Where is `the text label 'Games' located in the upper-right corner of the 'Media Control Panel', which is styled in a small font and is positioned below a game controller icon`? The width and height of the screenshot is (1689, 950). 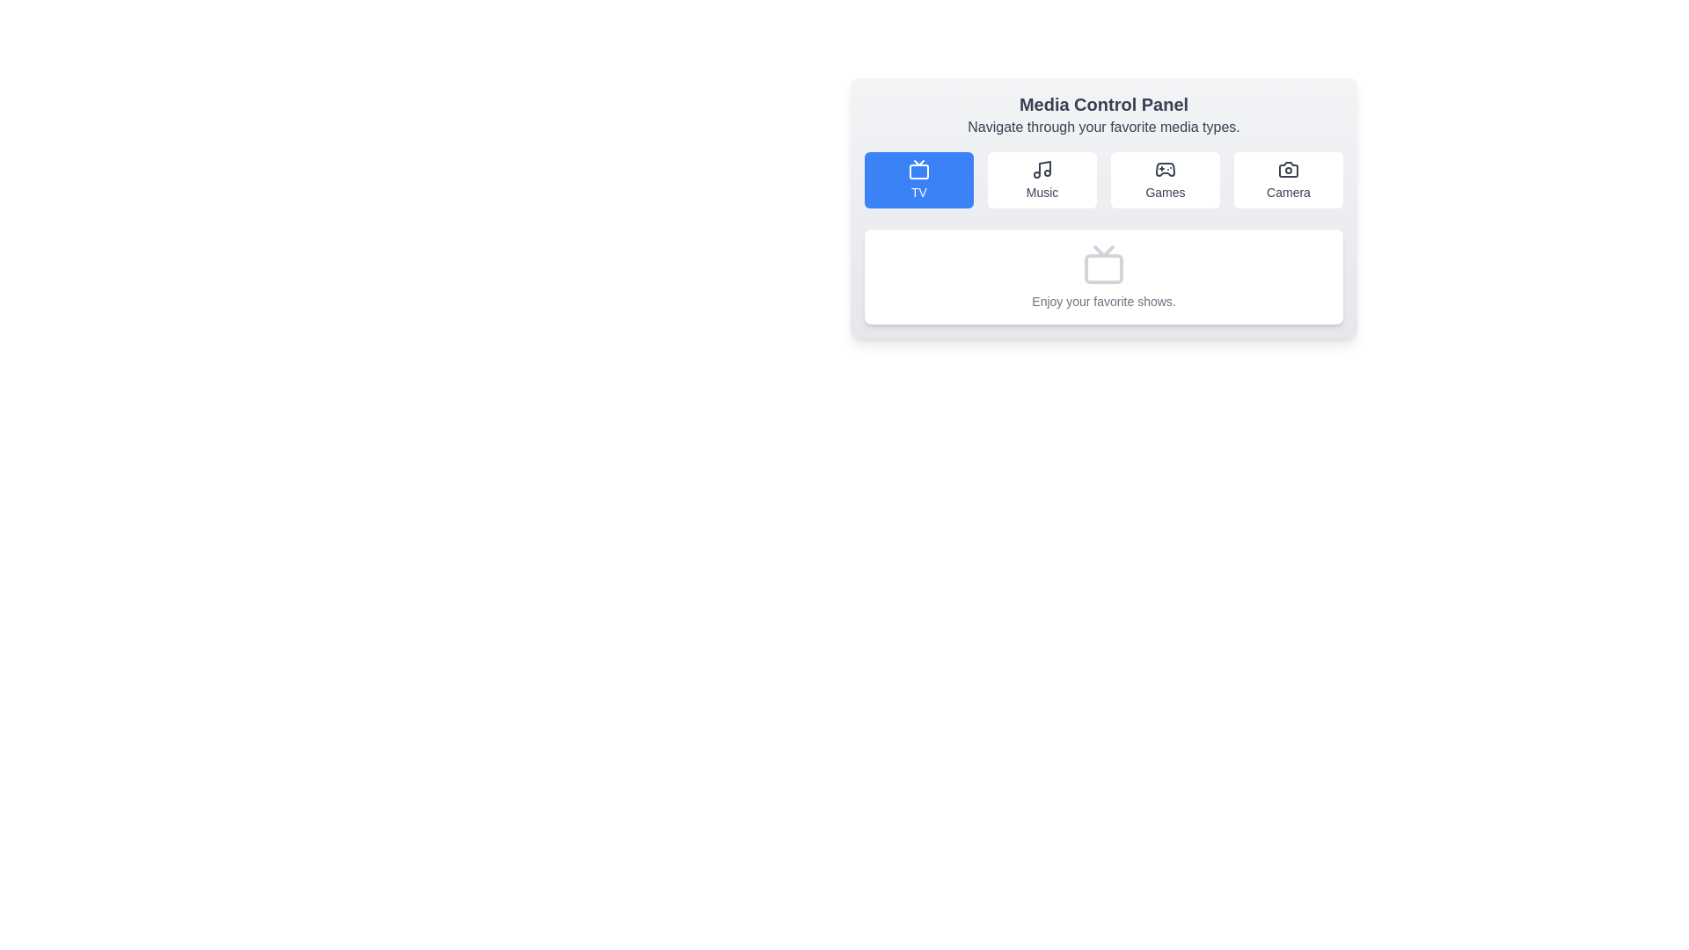 the text label 'Games' located in the upper-right corner of the 'Media Control Panel', which is styled in a small font and is positioned below a game controller icon is located at coordinates (1165, 193).